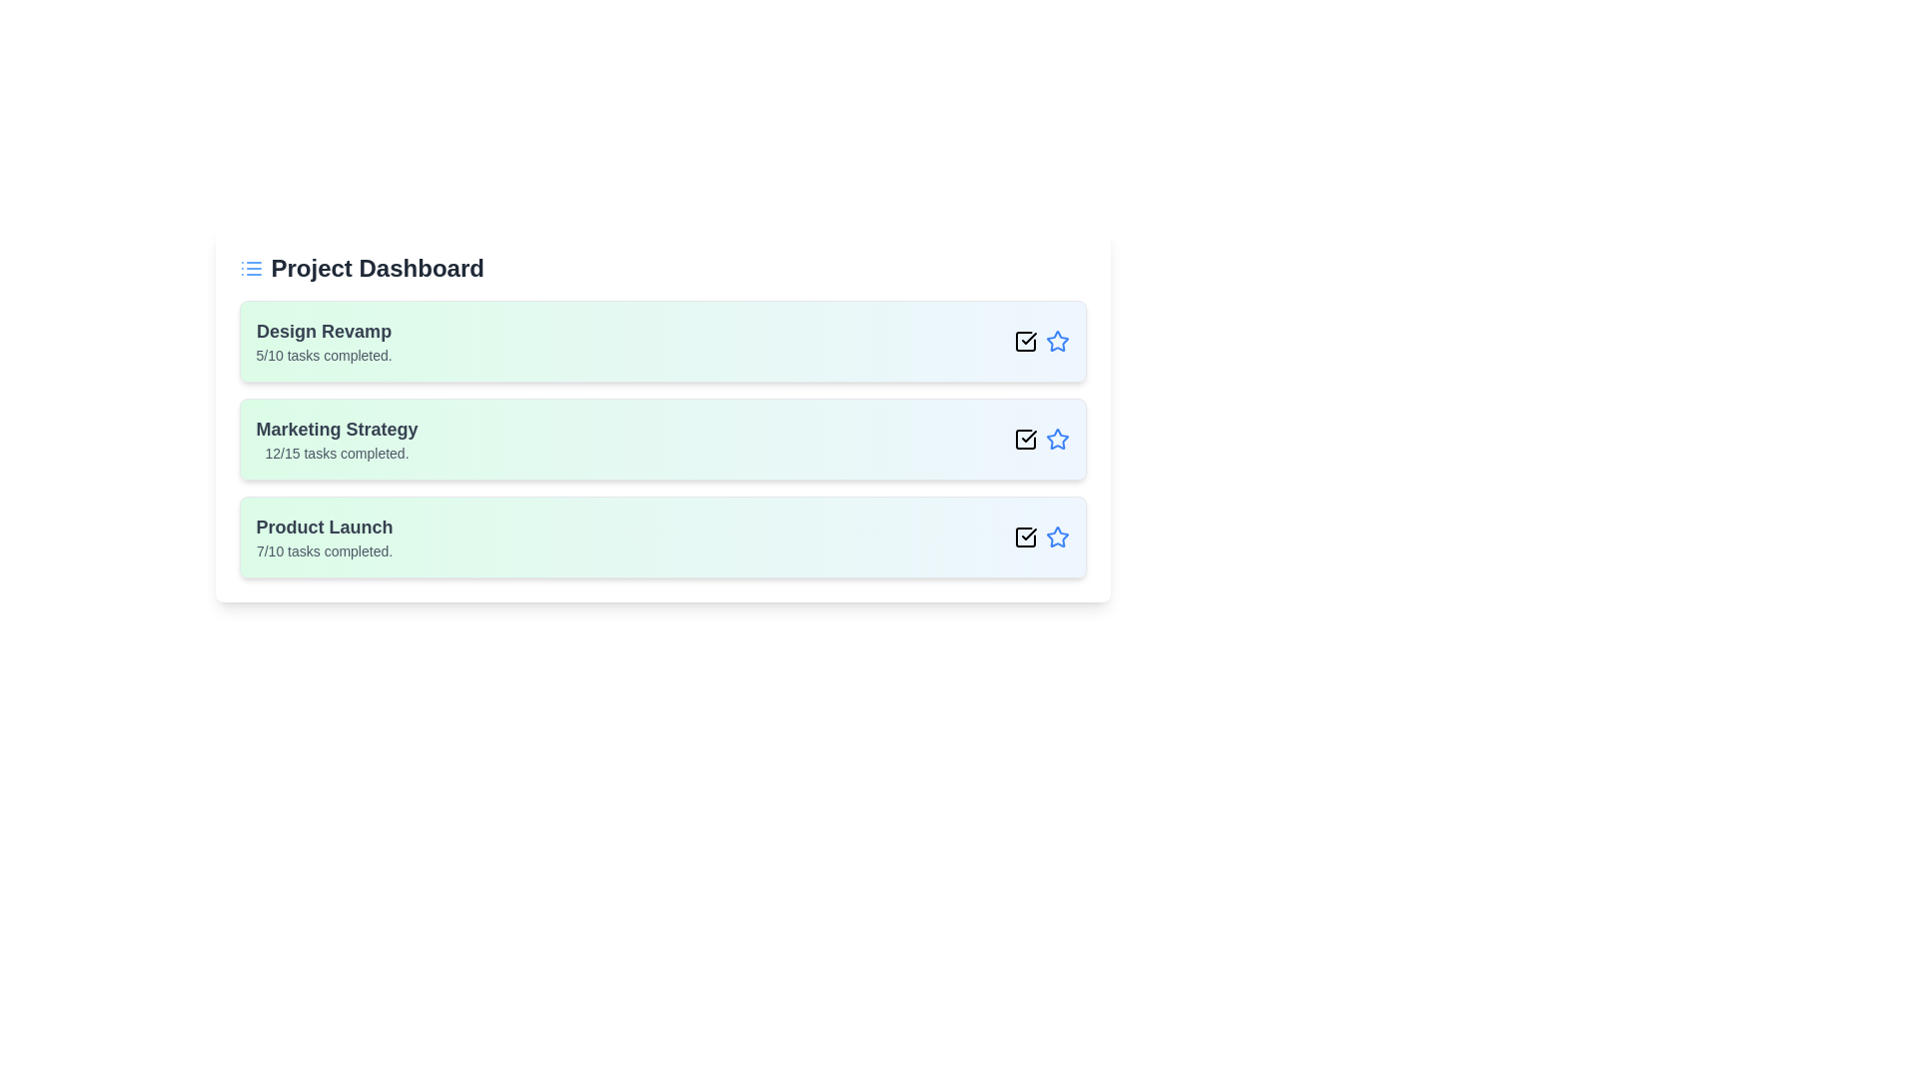 This screenshot has height=1079, width=1918. What do you see at coordinates (662, 536) in the screenshot?
I see `the project item Product Launch to select it` at bounding box center [662, 536].